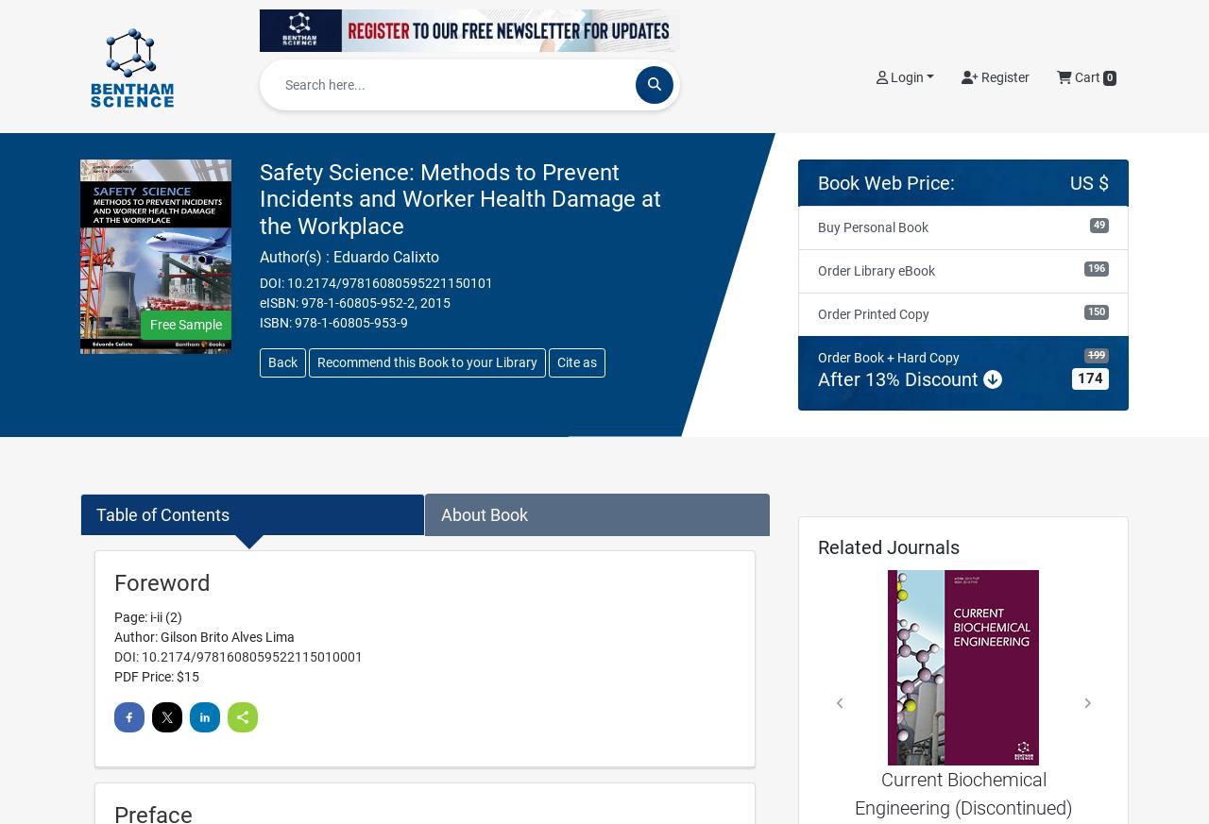 The height and width of the screenshot is (824, 1209). Describe the element at coordinates (973, 22) in the screenshot. I see `'For Authors & Editors'` at that location.